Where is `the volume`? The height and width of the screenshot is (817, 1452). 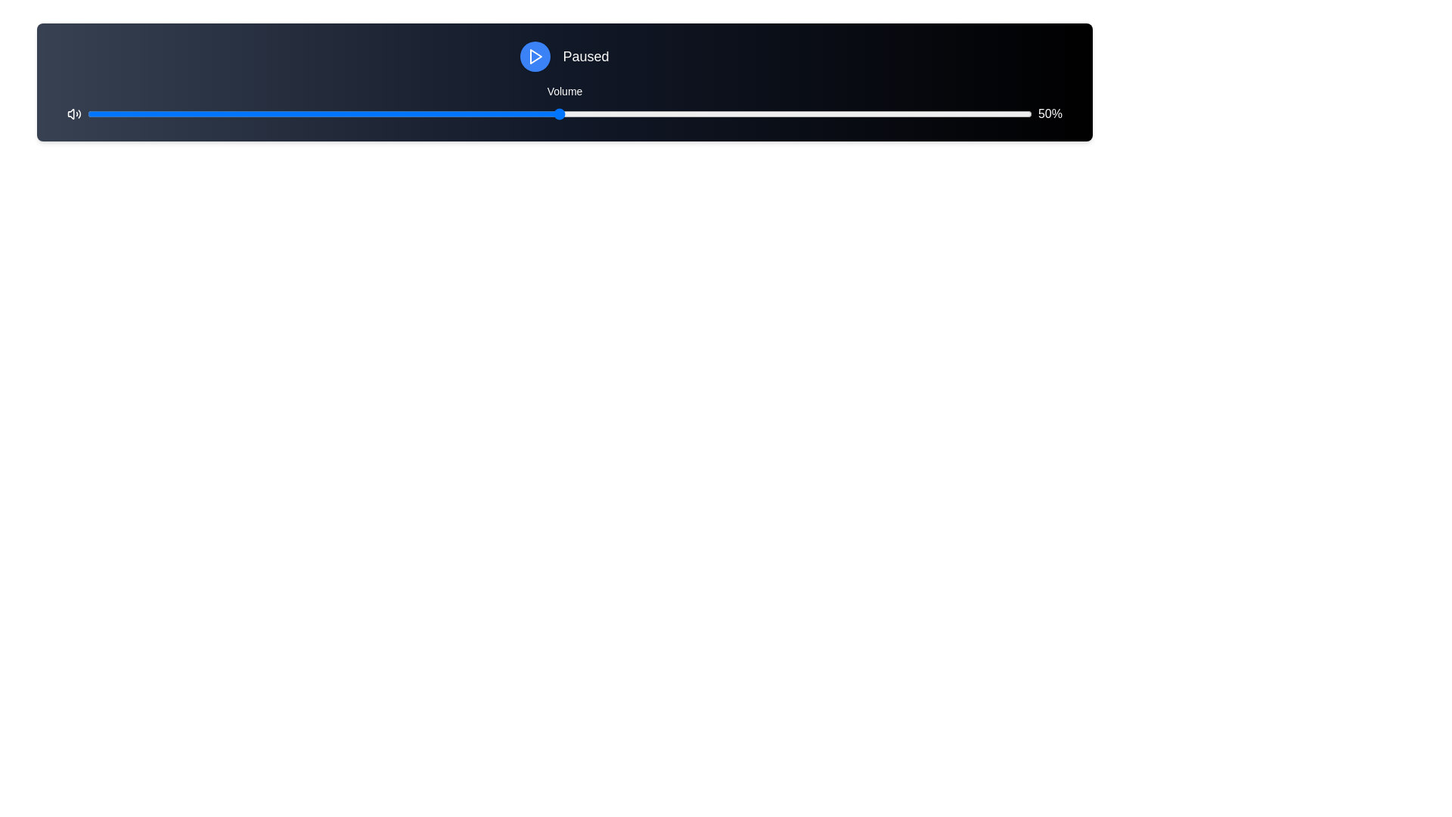
the volume is located at coordinates (814, 113).